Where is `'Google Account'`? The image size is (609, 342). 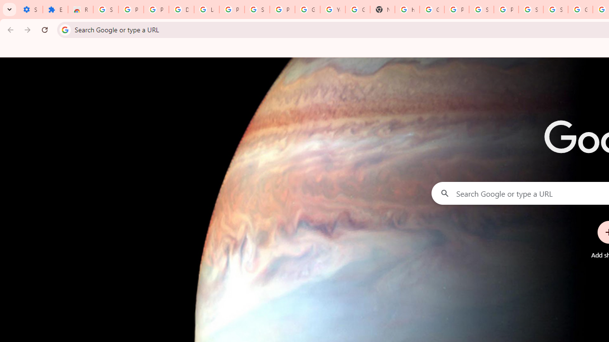
'Google Account' is located at coordinates (307, 9).